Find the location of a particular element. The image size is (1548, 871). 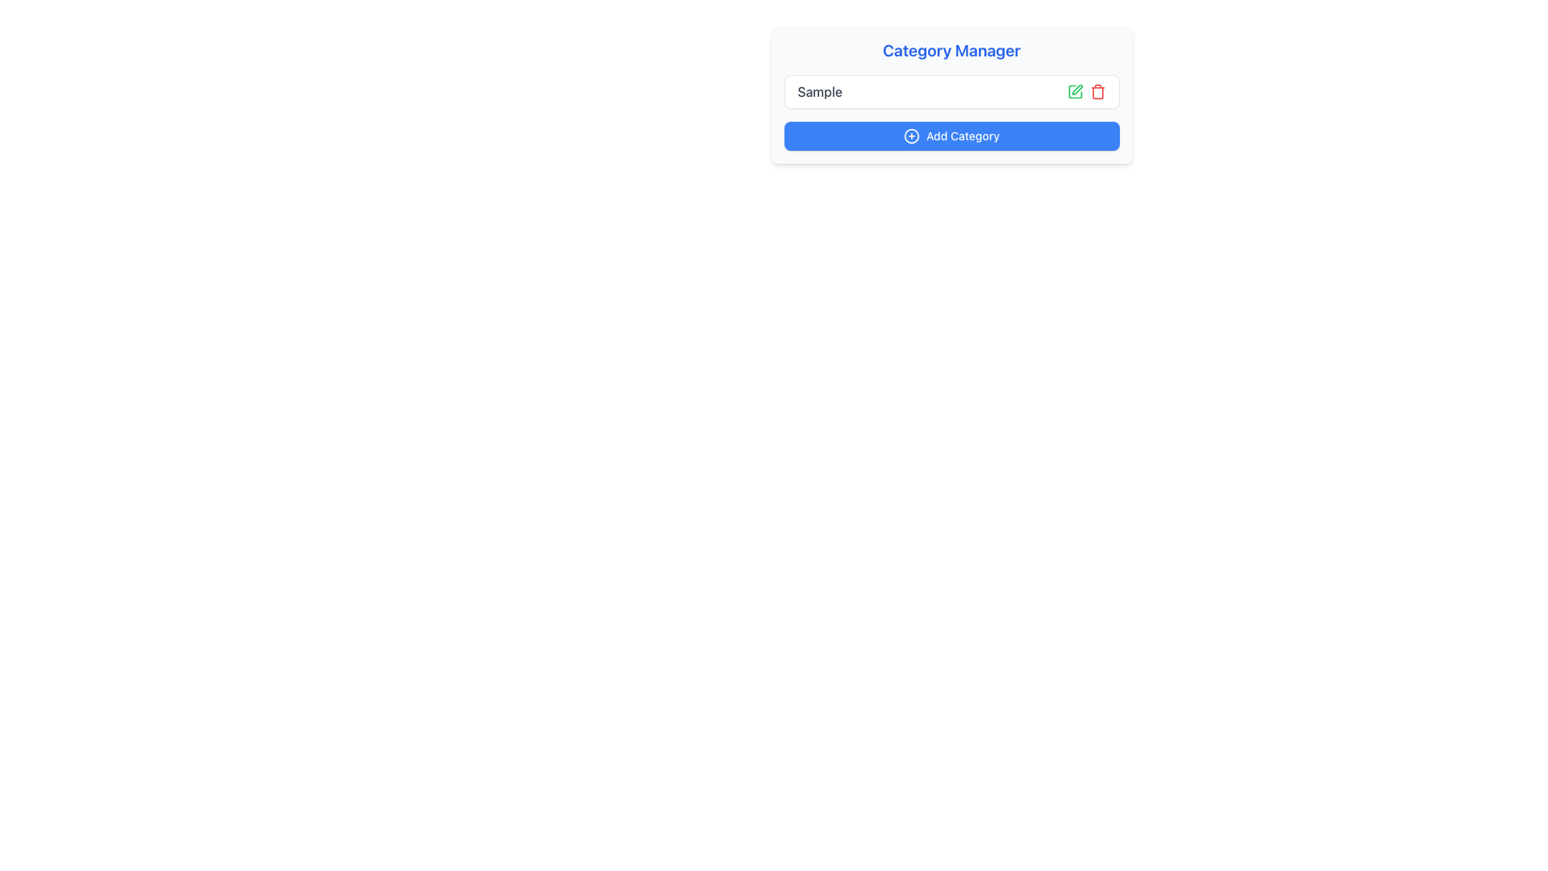

the circular graphical shape located at the center of the 'Add Category' button, which indicates an addition action in the Category Manager interface is located at coordinates (912, 135).